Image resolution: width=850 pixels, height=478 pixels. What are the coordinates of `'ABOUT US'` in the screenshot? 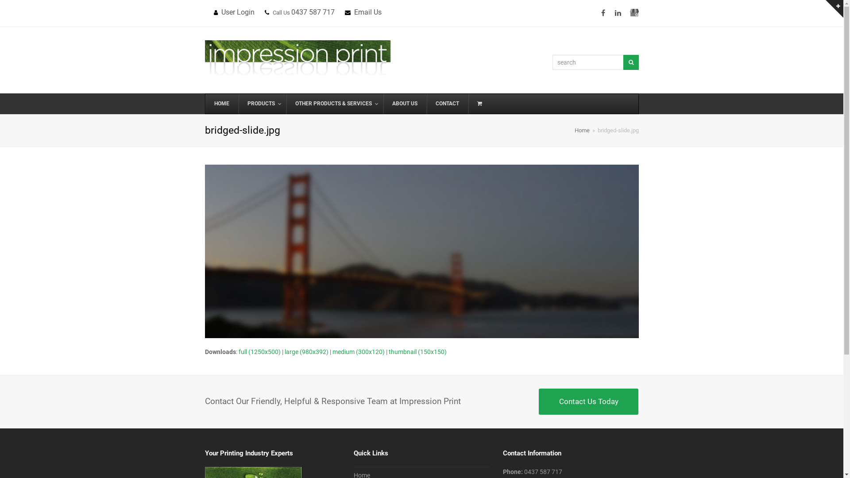 It's located at (382, 104).